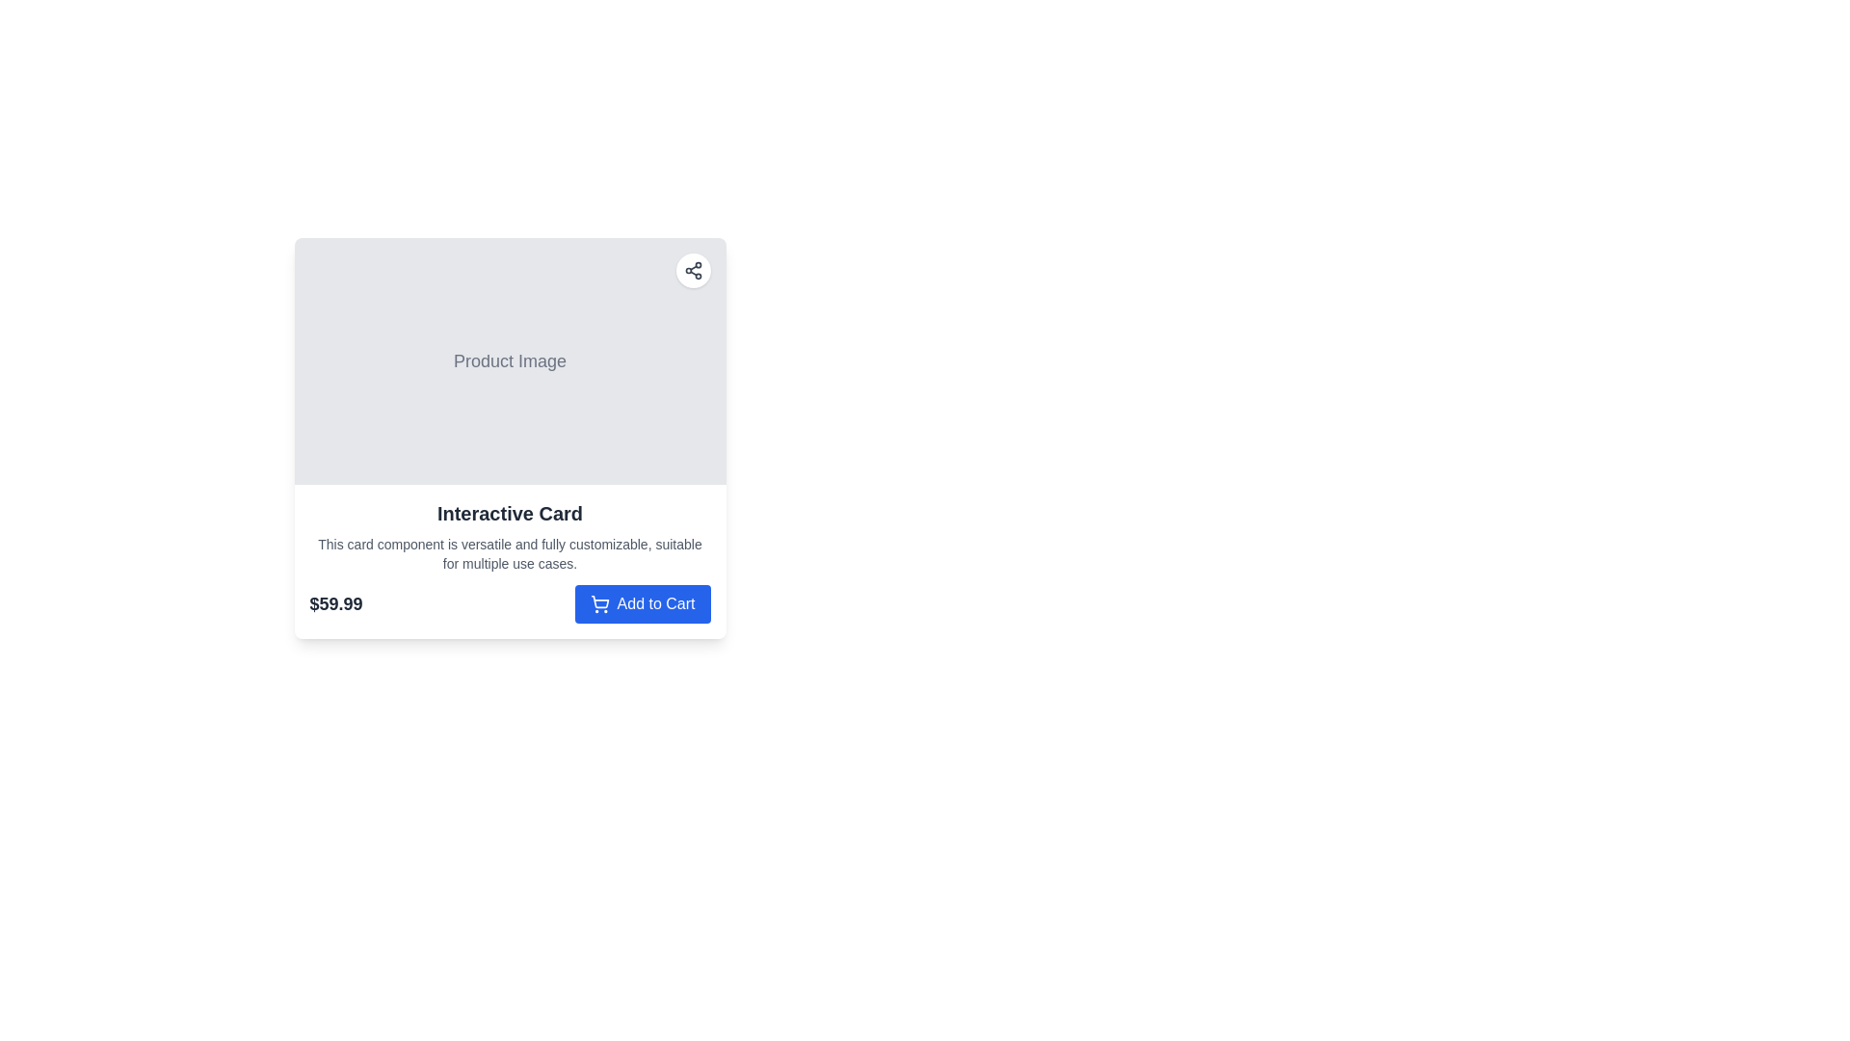 The width and height of the screenshot is (1850, 1041). I want to click on the Static Text Display that shows the product price, located to the far left before the 'Add to Cart' button, so click(336, 603).